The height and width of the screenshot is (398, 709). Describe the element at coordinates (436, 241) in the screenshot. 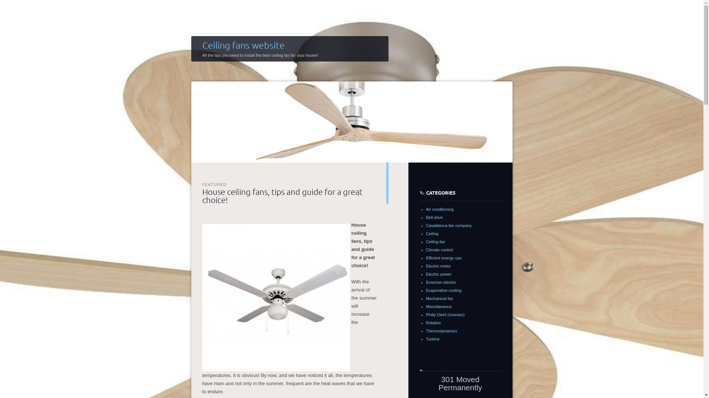

I see `'Ceiling fan'` at that location.